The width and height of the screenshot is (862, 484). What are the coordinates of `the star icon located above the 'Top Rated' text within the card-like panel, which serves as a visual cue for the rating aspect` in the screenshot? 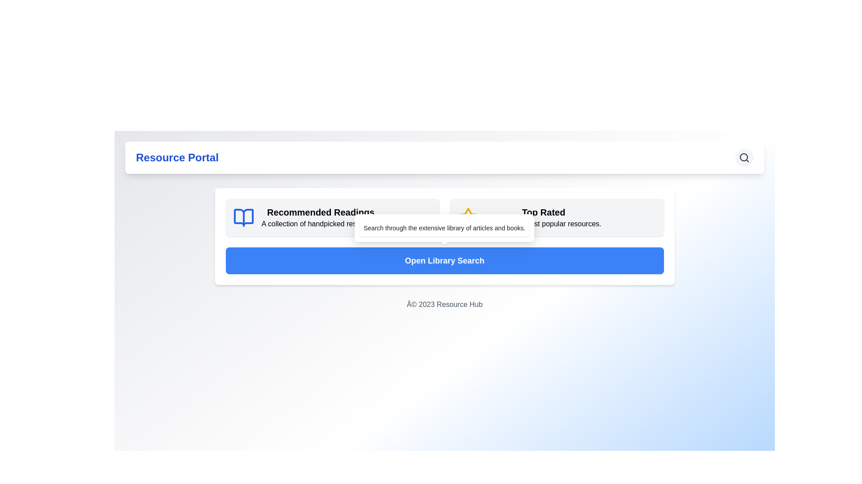 It's located at (467, 218).